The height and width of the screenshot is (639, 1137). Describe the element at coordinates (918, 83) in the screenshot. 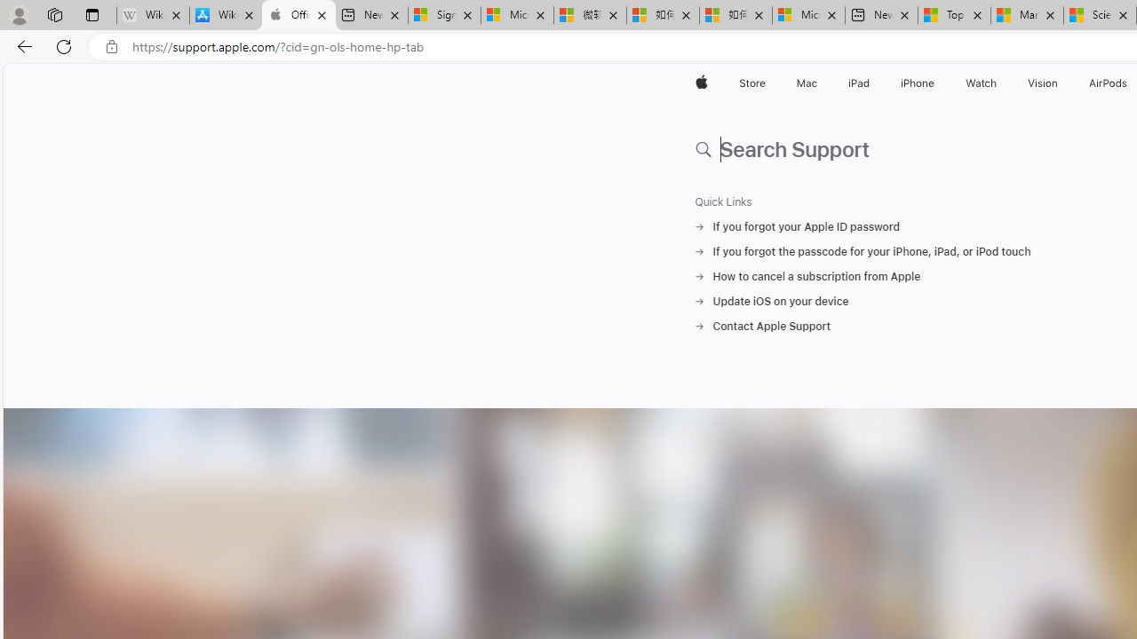

I see `'iPhone'` at that location.